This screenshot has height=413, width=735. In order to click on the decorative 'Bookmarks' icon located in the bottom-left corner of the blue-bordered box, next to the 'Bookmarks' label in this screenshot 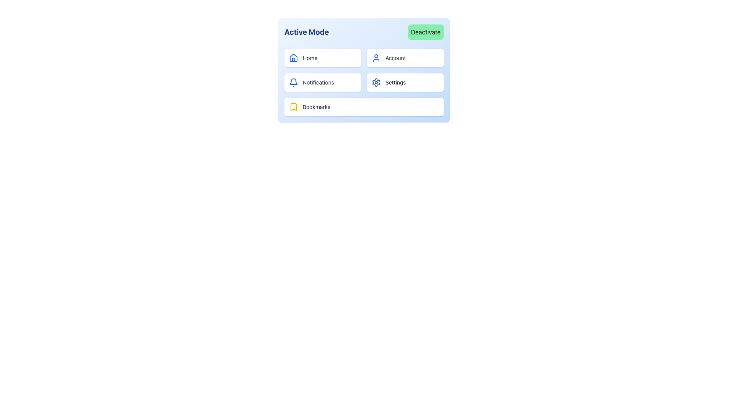, I will do `click(293, 107)`.